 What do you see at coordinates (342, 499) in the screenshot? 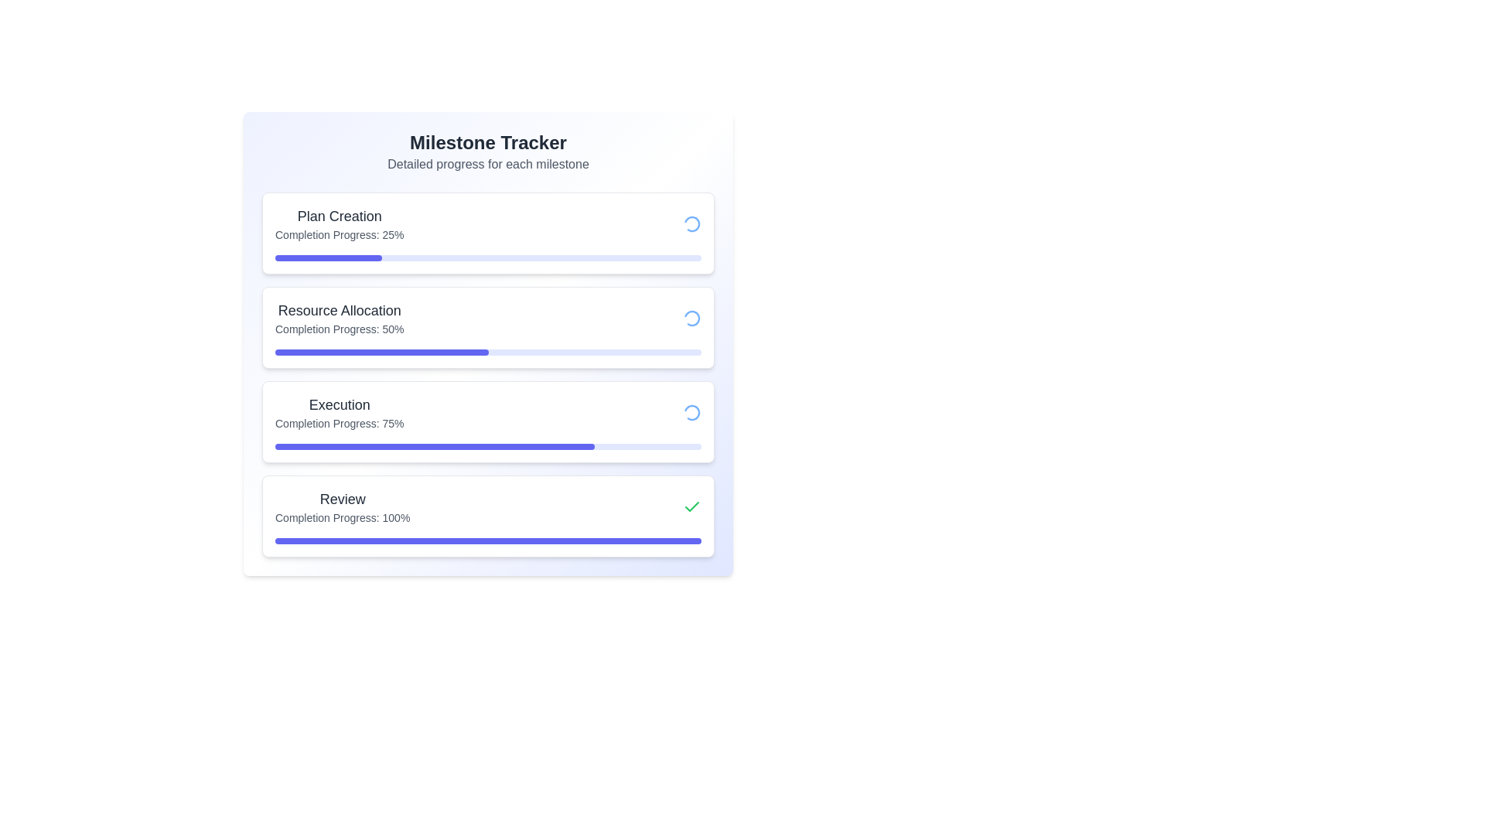
I see `the Static Text Label titled 'Review' which serves as a header for the milestone section in the progress tracking layout` at bounding box center [342, 499].